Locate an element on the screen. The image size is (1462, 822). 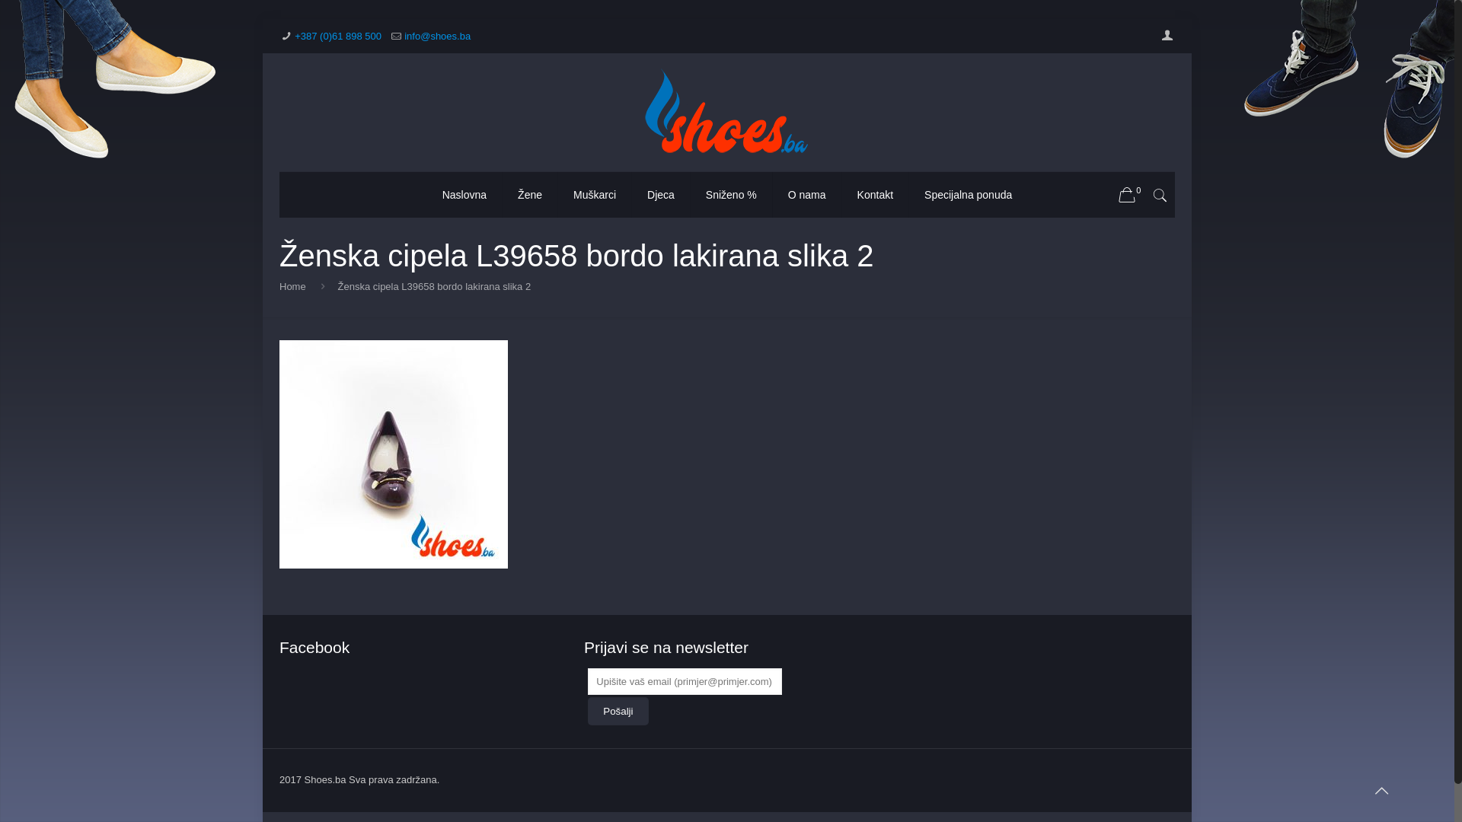
'Djeca' is located at coordinates (661, 193).